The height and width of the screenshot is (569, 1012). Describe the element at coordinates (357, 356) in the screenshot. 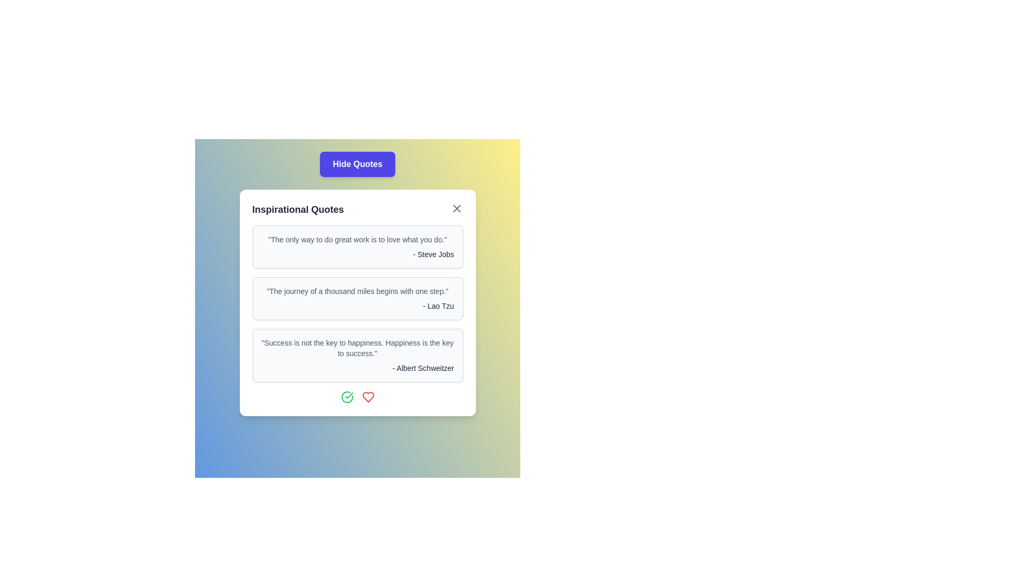

I see `text content of the third quote box within the 'Inspirational Quotes' section, which features a motivational quote and the author's name, styled with distinct typography` at that location.